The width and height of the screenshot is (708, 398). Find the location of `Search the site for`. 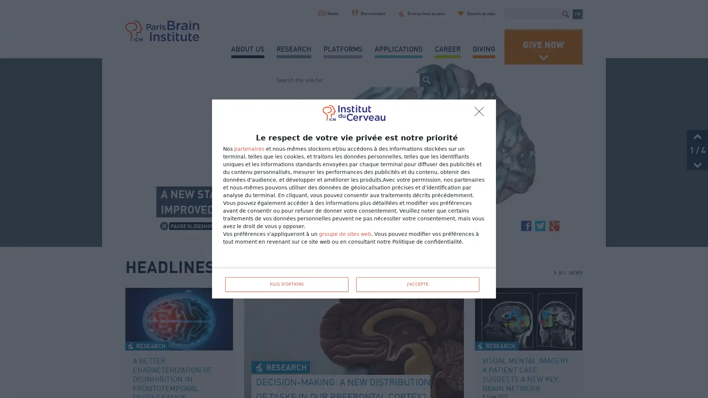

Search the site for is located at coordinates (427, 80).